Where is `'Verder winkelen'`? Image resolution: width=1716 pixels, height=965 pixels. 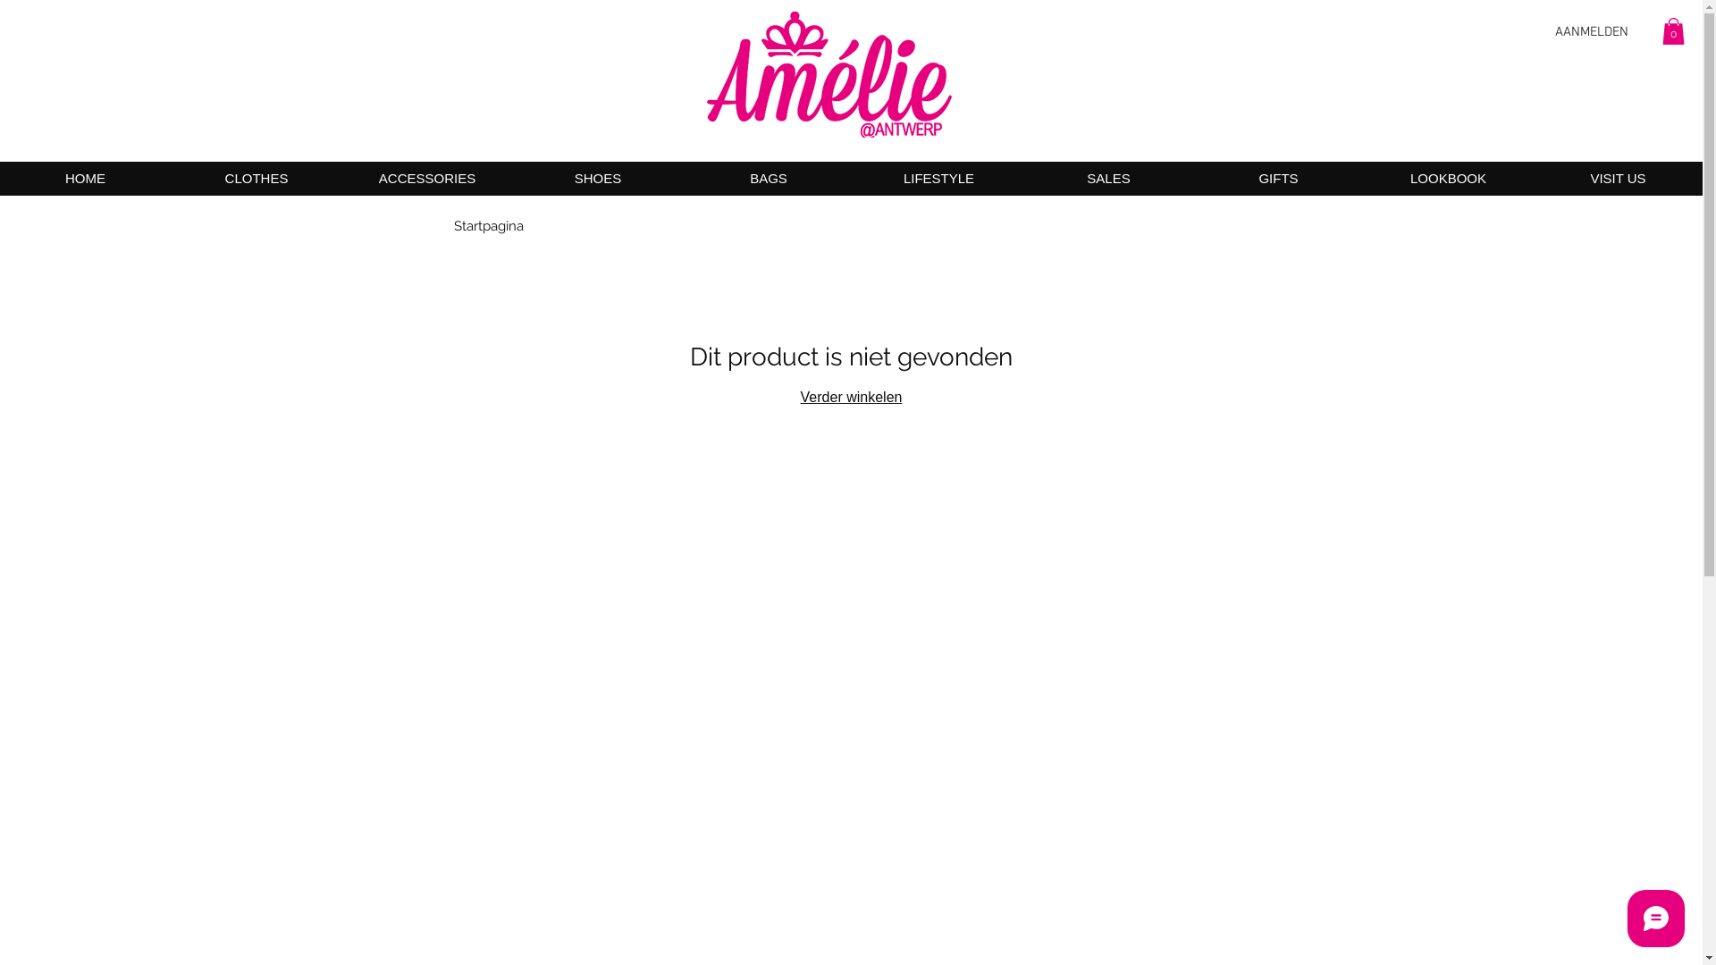 'Verder winkelen' is located at coordinates (851, 396).